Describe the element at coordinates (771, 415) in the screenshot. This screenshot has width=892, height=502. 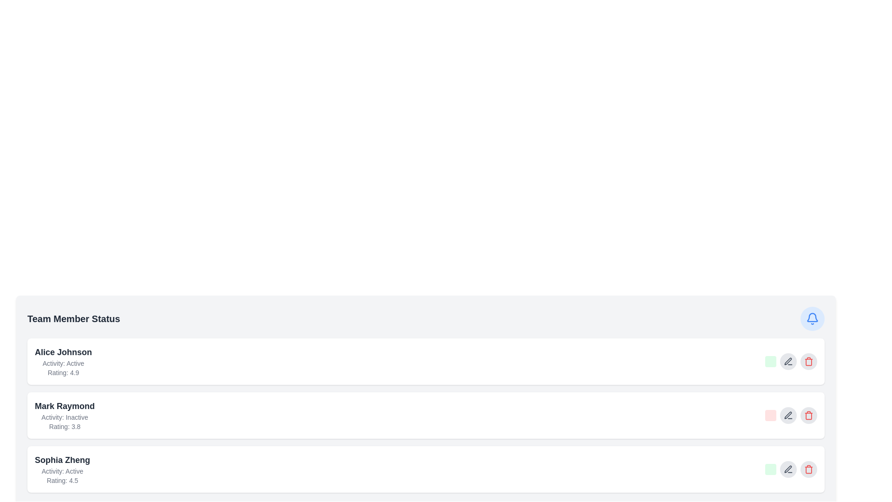
I see `the first badge indicating the activity status of the team member, which displays 'Inactive'` at that location.